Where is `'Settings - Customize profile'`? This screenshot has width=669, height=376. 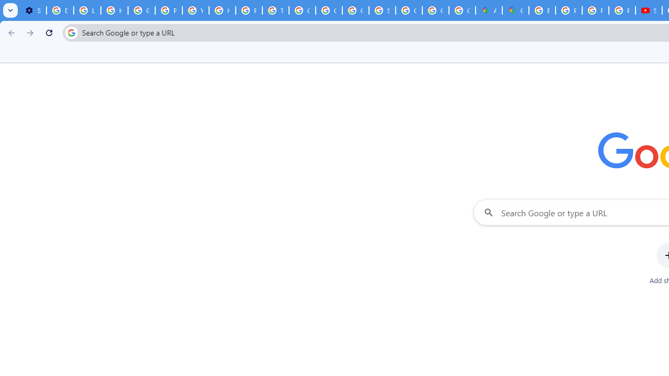 'Settings - Customize profile' is located at coordinates (33, 10).